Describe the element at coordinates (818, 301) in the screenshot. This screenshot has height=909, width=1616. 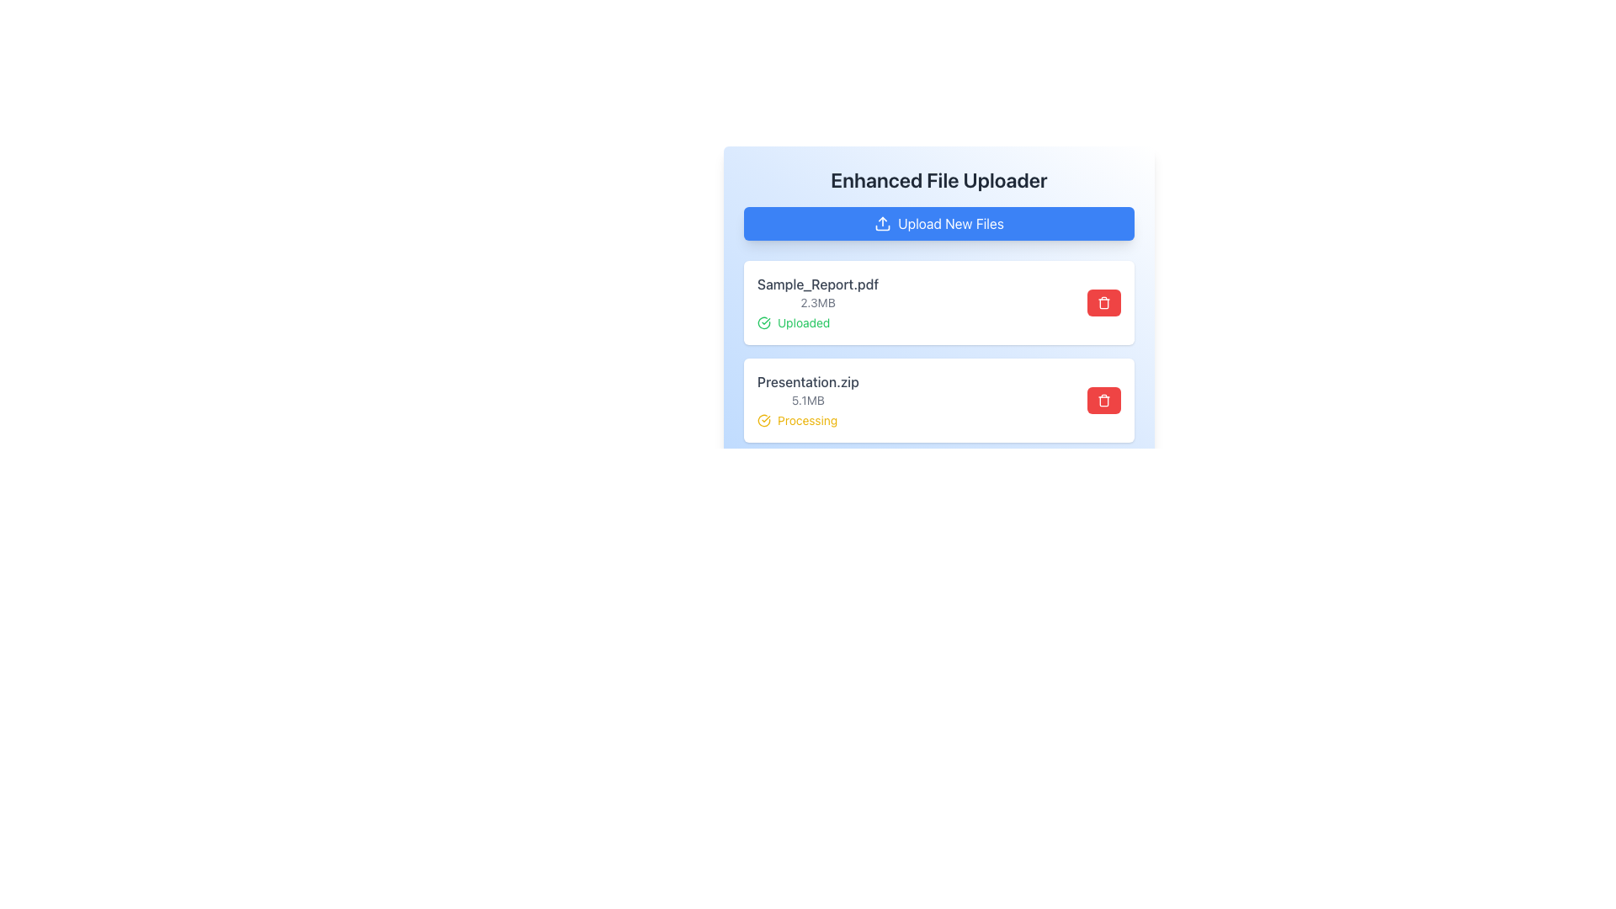
I see `the text element reading '2.3MB' which is located below 'Sample_Report.pdf' and above 'Uploaded'` at that location.